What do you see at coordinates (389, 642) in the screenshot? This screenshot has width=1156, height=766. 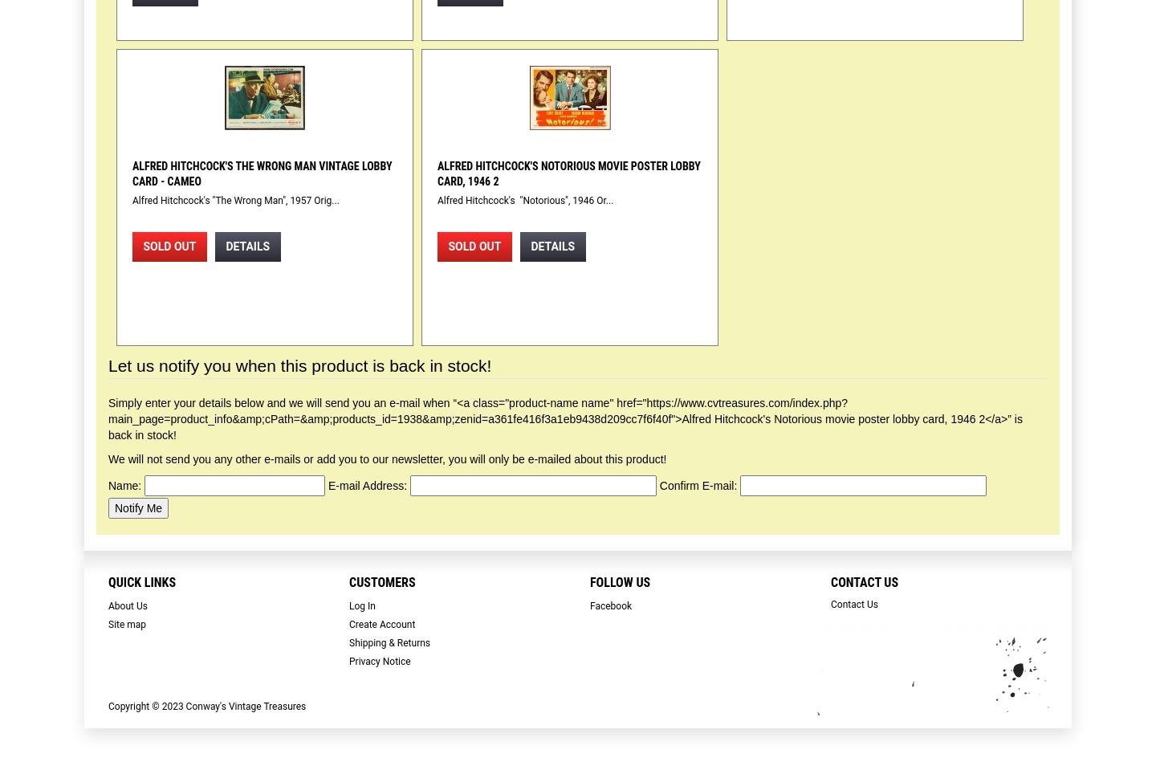 I see `'Shipping & Returns'` at bounding box center [389, 642].